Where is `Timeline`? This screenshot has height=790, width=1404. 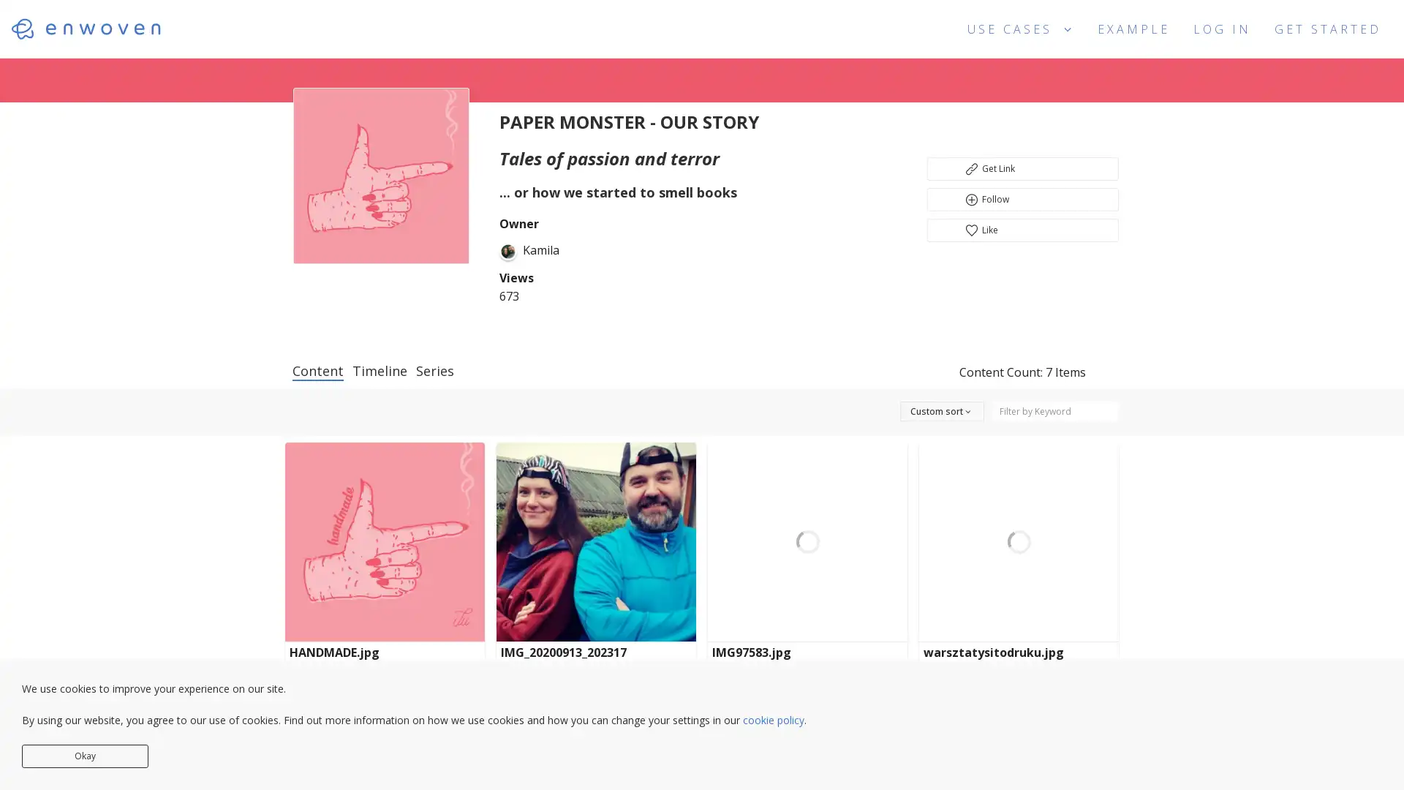 Timeline is located at coordinates (380, 369).